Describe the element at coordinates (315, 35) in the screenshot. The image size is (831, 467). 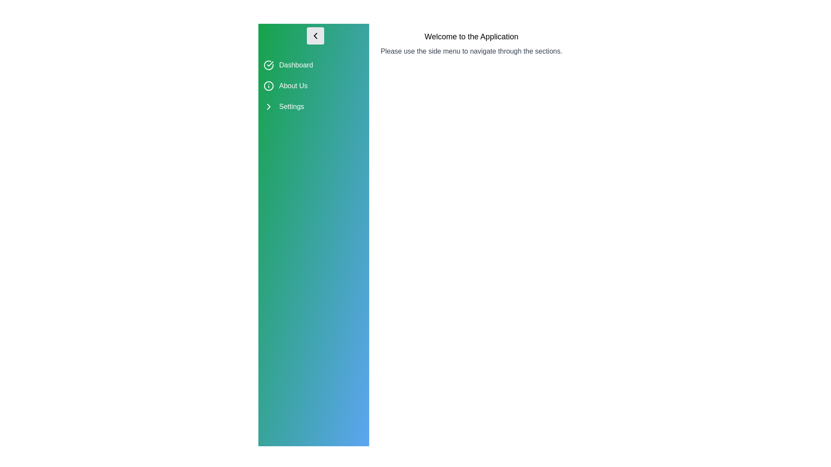
I see `the button with the arrow icon to toggle the visibility of the drawer` at that location.